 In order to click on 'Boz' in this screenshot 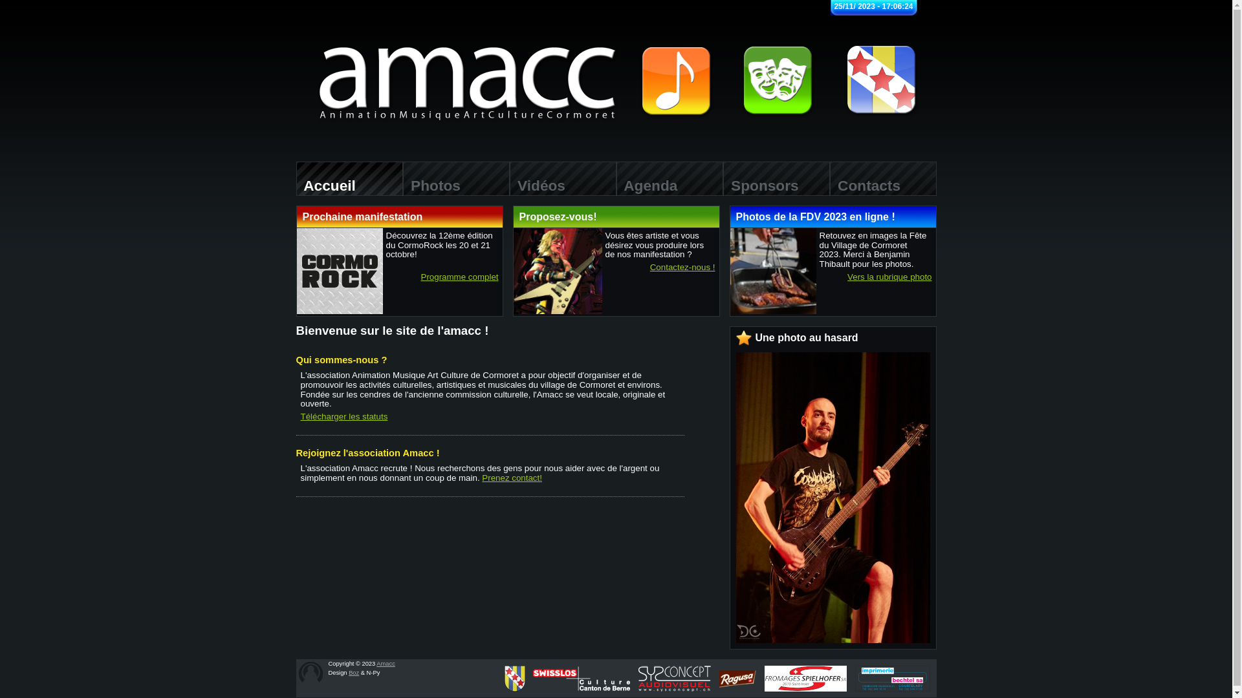, I will do `click(354, 672)`.